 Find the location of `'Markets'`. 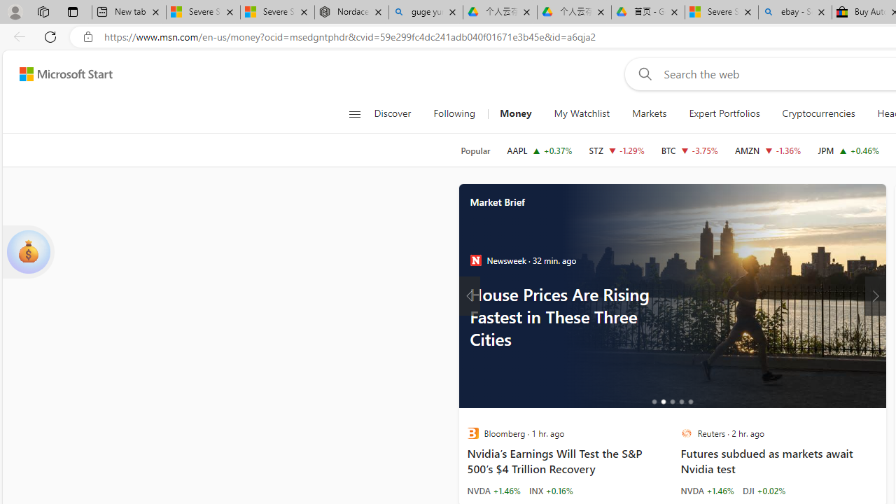

'Markets' is located at coordinates (648, 113).